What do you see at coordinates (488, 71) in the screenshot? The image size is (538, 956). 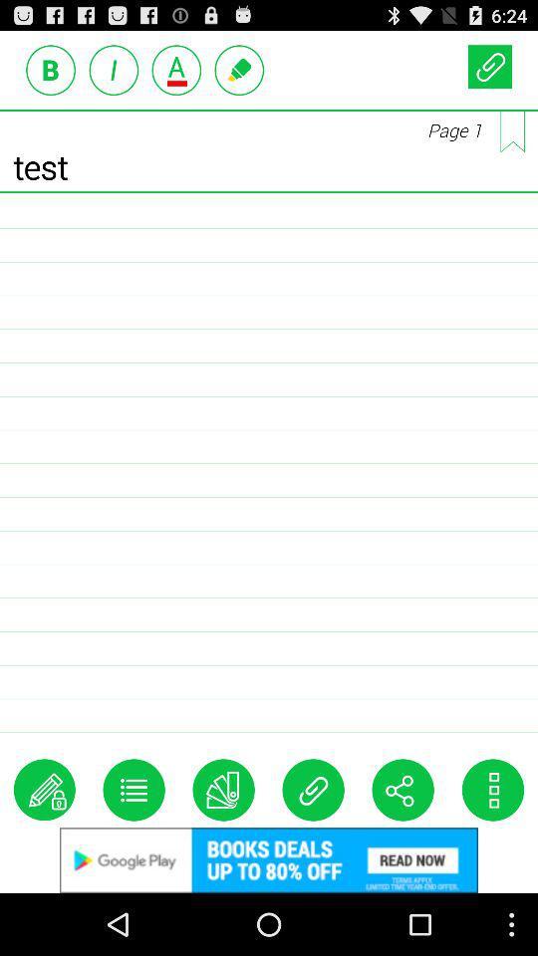 I see `the attach_file icon` at bounding box center [488, 71].